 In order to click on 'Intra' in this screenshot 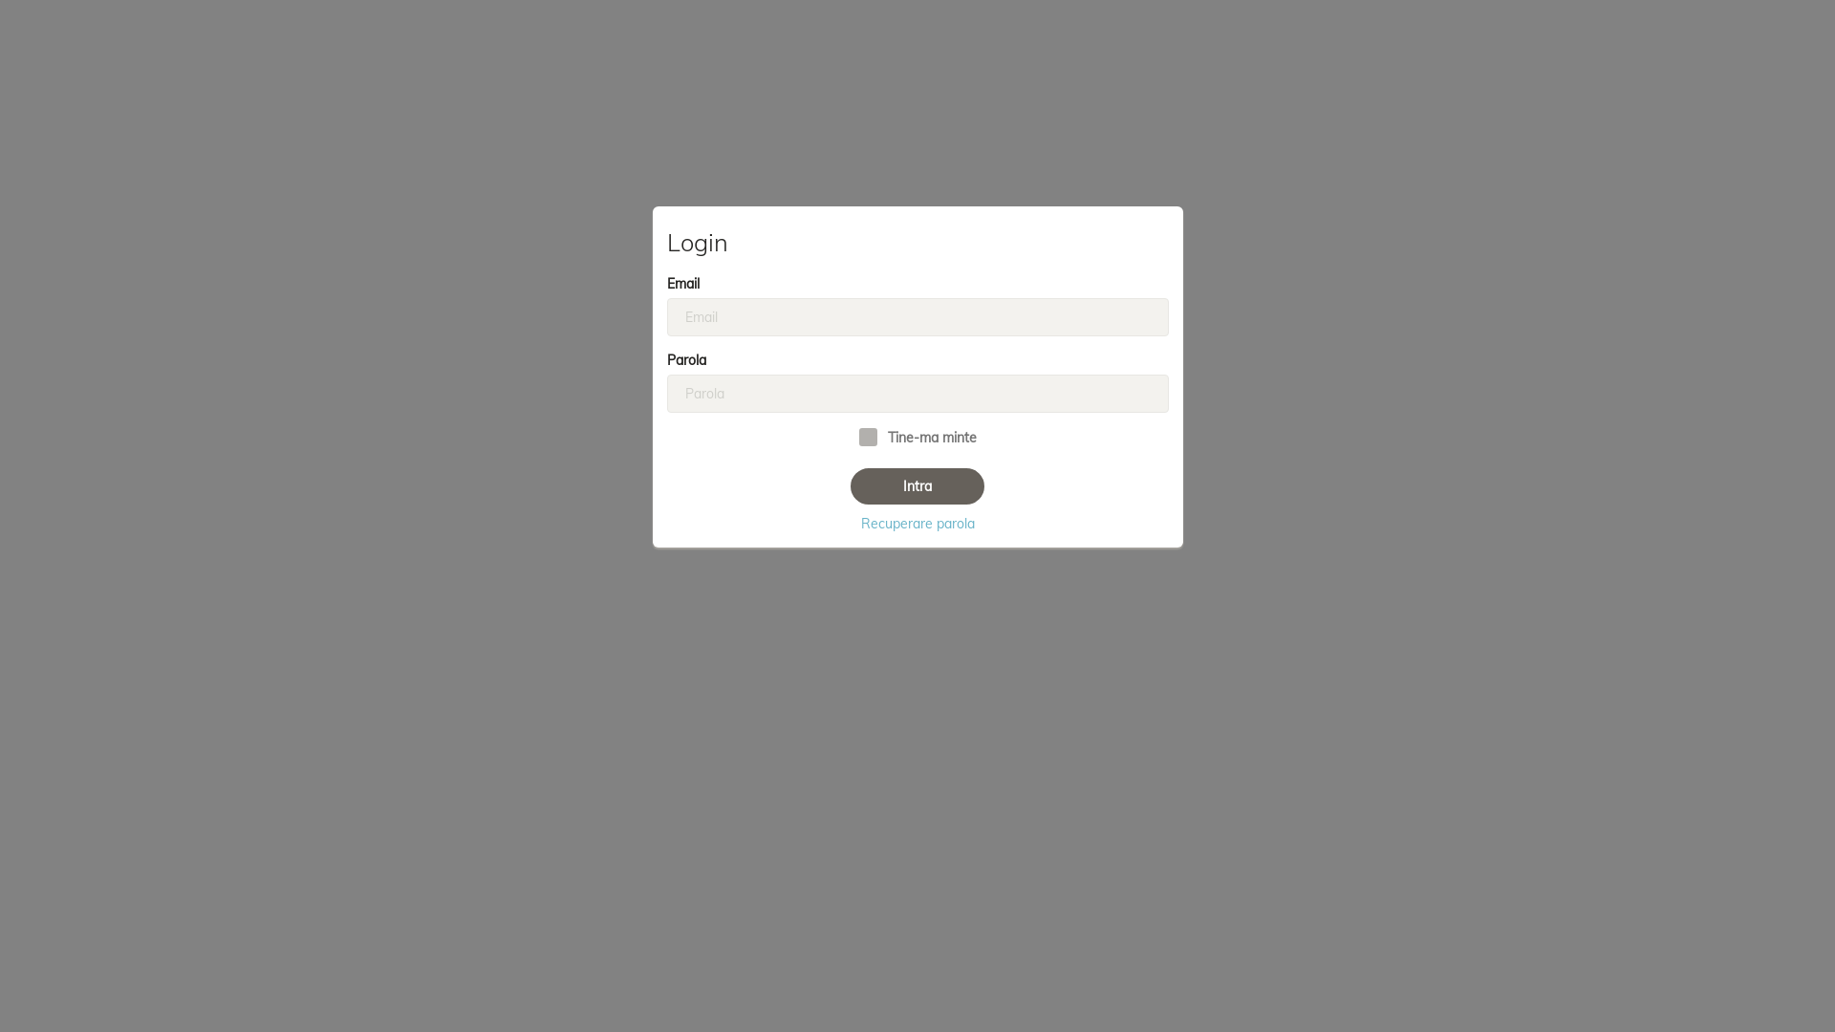, I will do `click(917, 485)`.